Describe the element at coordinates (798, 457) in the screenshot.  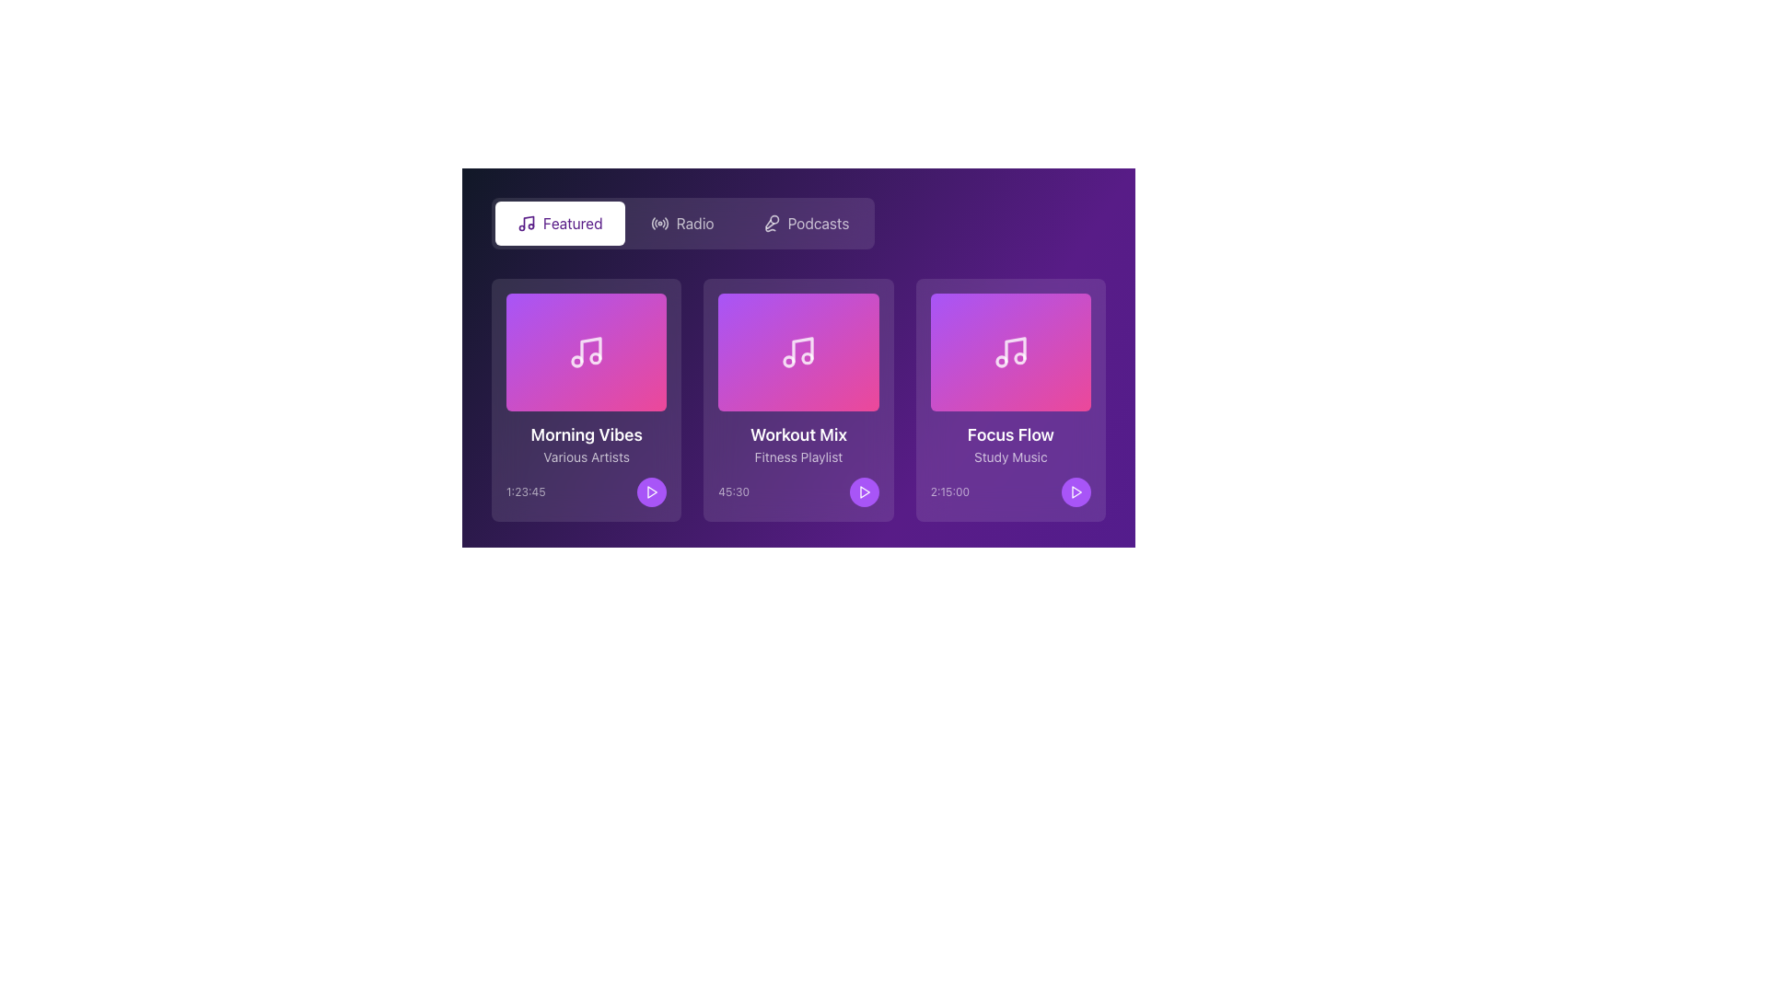
I see `text label 'Fitness Playlist' located under the 'Workout Mix' title in the center card of the horizontal card list` at that location.